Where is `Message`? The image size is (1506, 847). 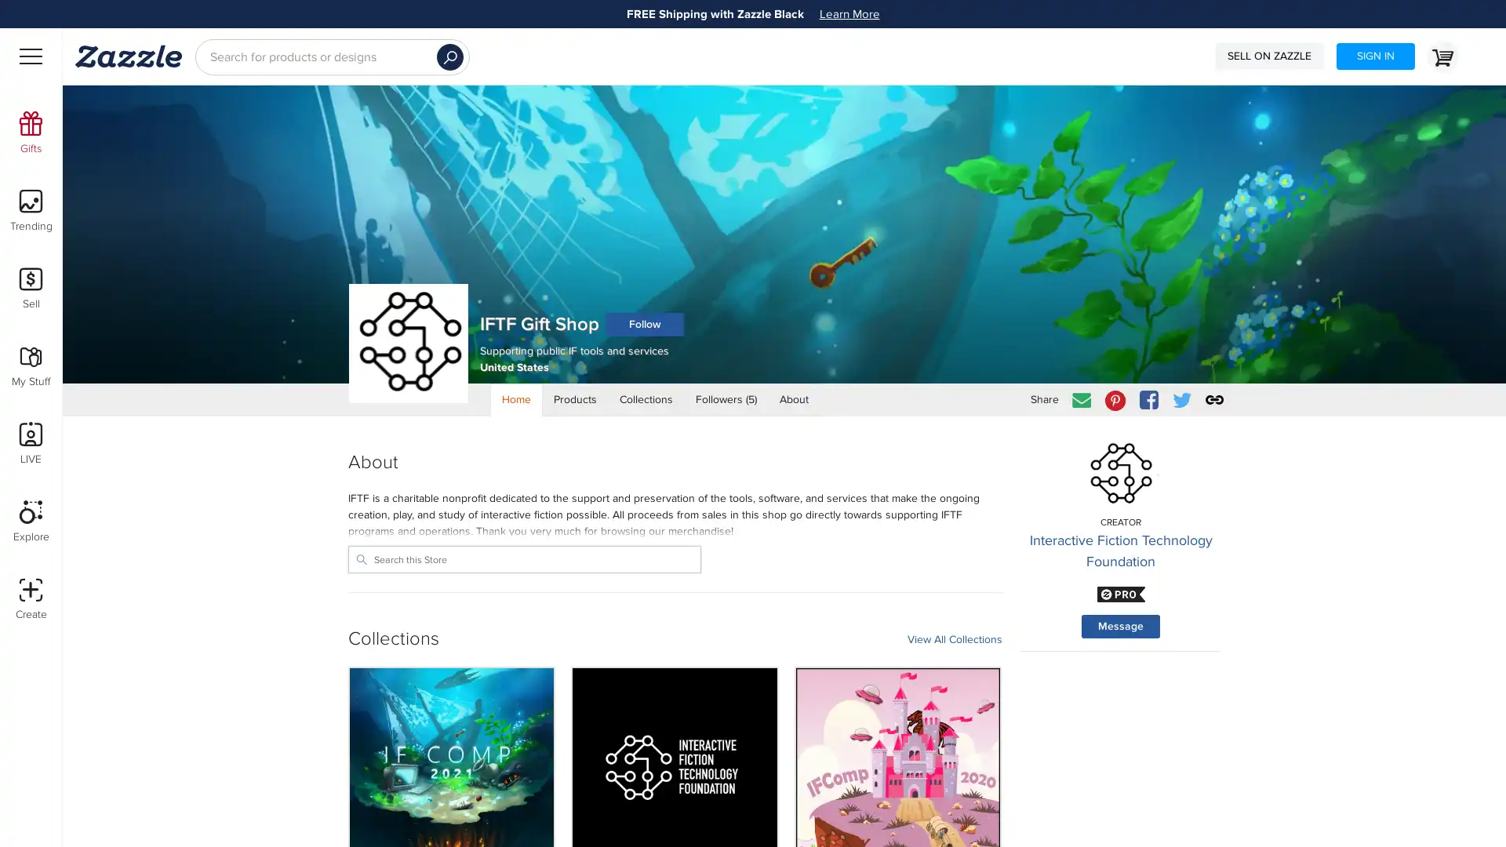 Message is located at coordinates (1120, 625).